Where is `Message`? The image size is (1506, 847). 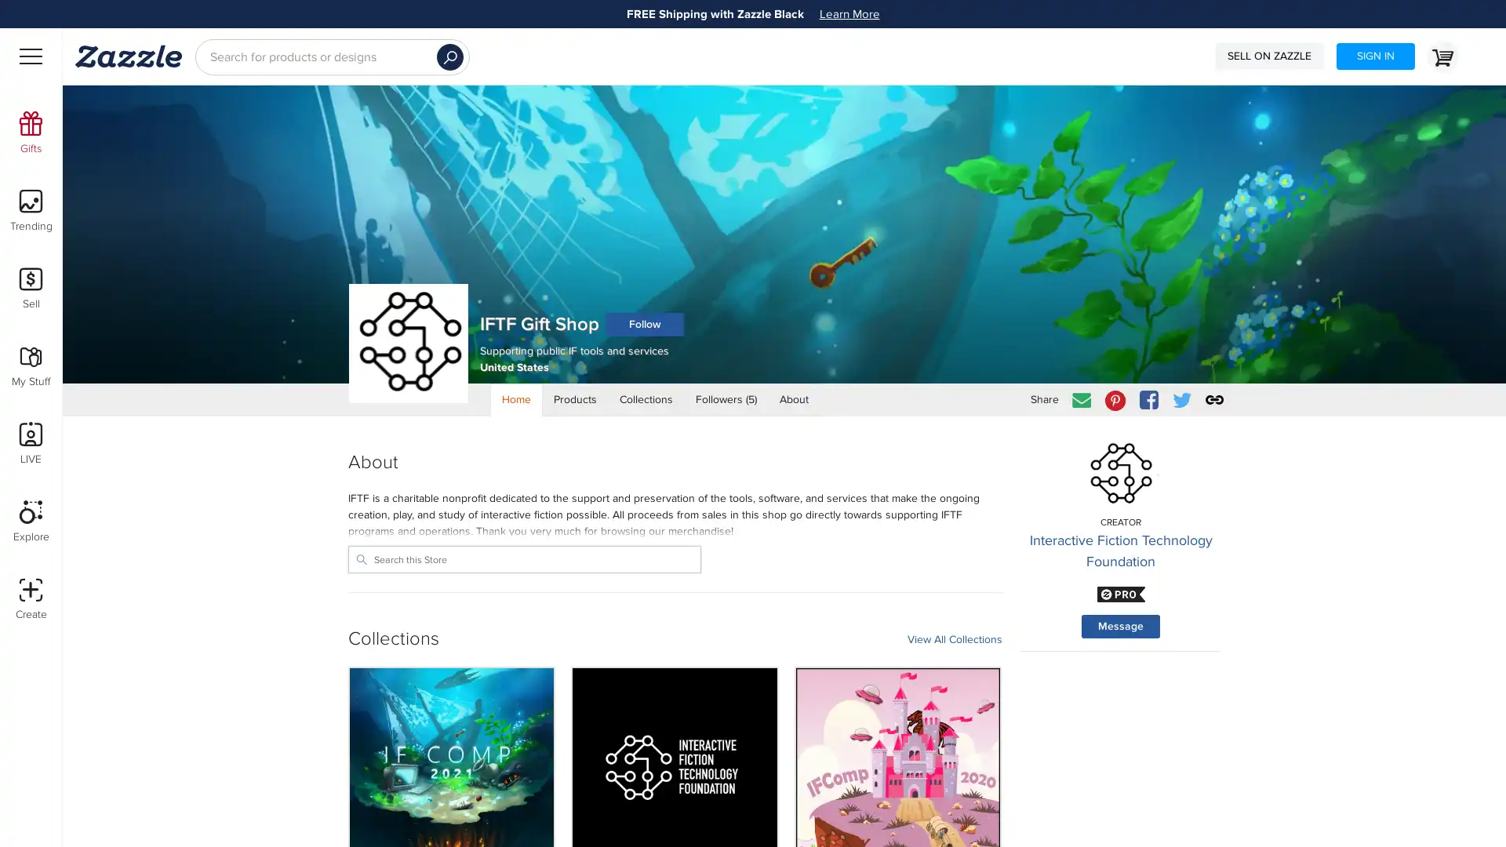 Message is located at coordinates (1120, 625).